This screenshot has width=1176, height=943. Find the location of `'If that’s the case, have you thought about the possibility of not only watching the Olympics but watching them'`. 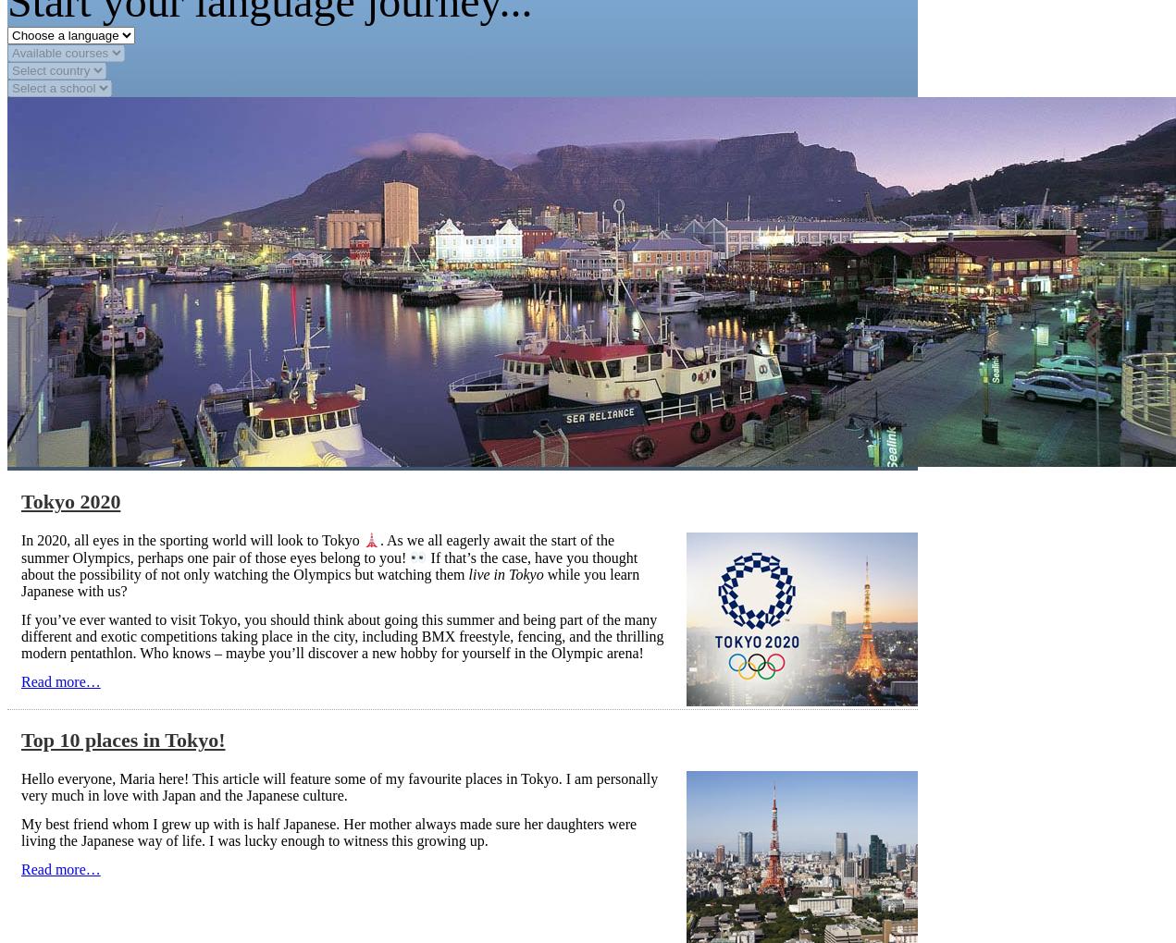

'If that’s the case, have you thought about the possibility of not only watching the Olympics but watching them' is located at coordinates (328, 564).